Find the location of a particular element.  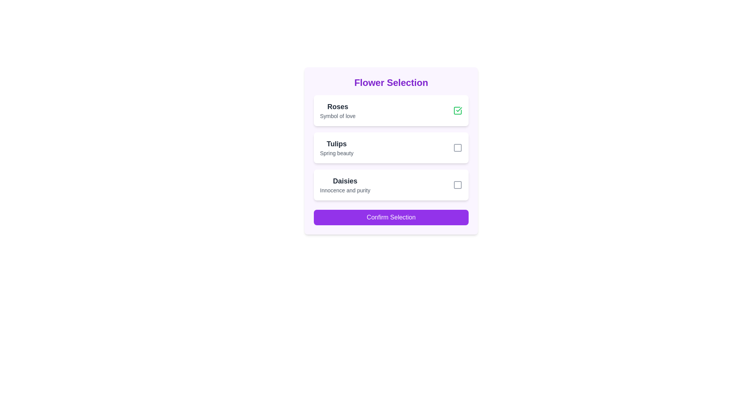

the text label that provides the title 'Daisies' and description 'Innocence and purity' in the selection panel, positioned in the third row between 'Tulips' and 'Confirm Selection' is located at coordinates (345, 185).